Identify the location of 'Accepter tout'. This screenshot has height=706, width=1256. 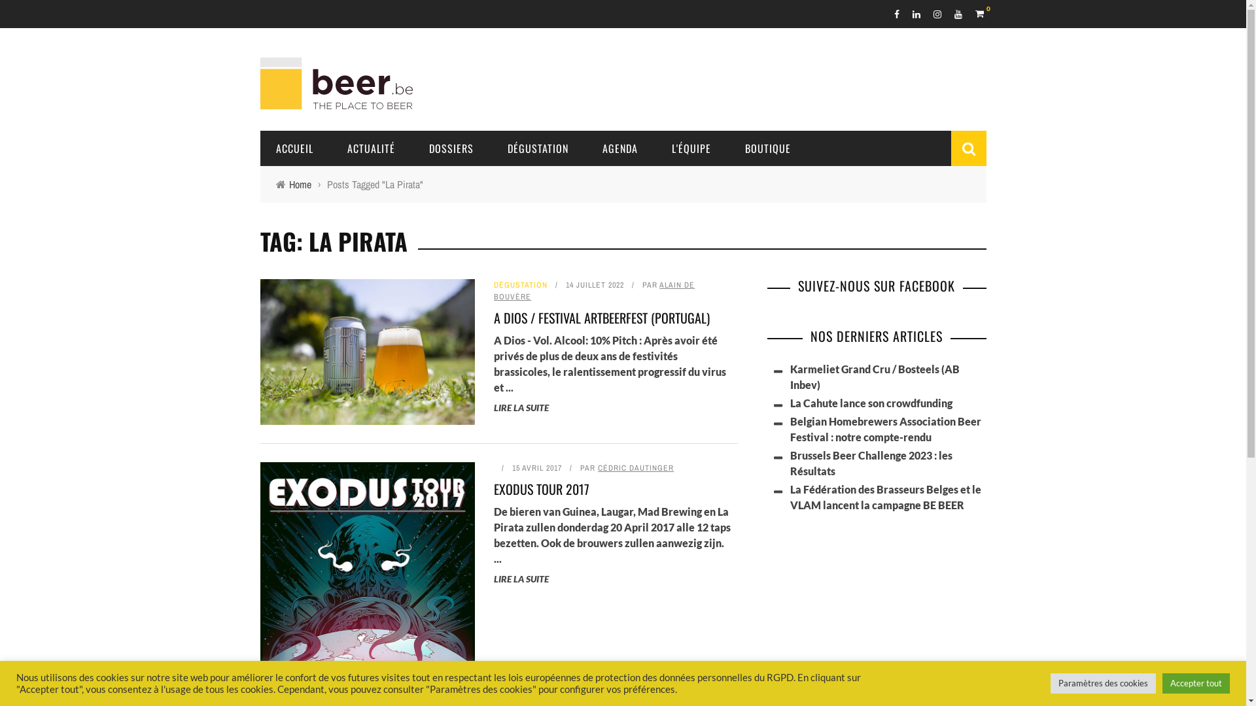
(1196, 682).